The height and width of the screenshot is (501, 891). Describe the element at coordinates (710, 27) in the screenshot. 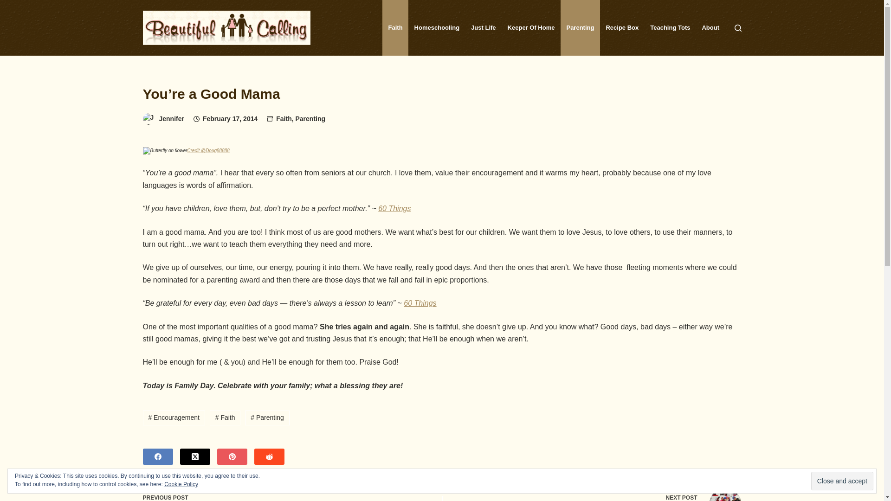

I see `'About'` at that location.